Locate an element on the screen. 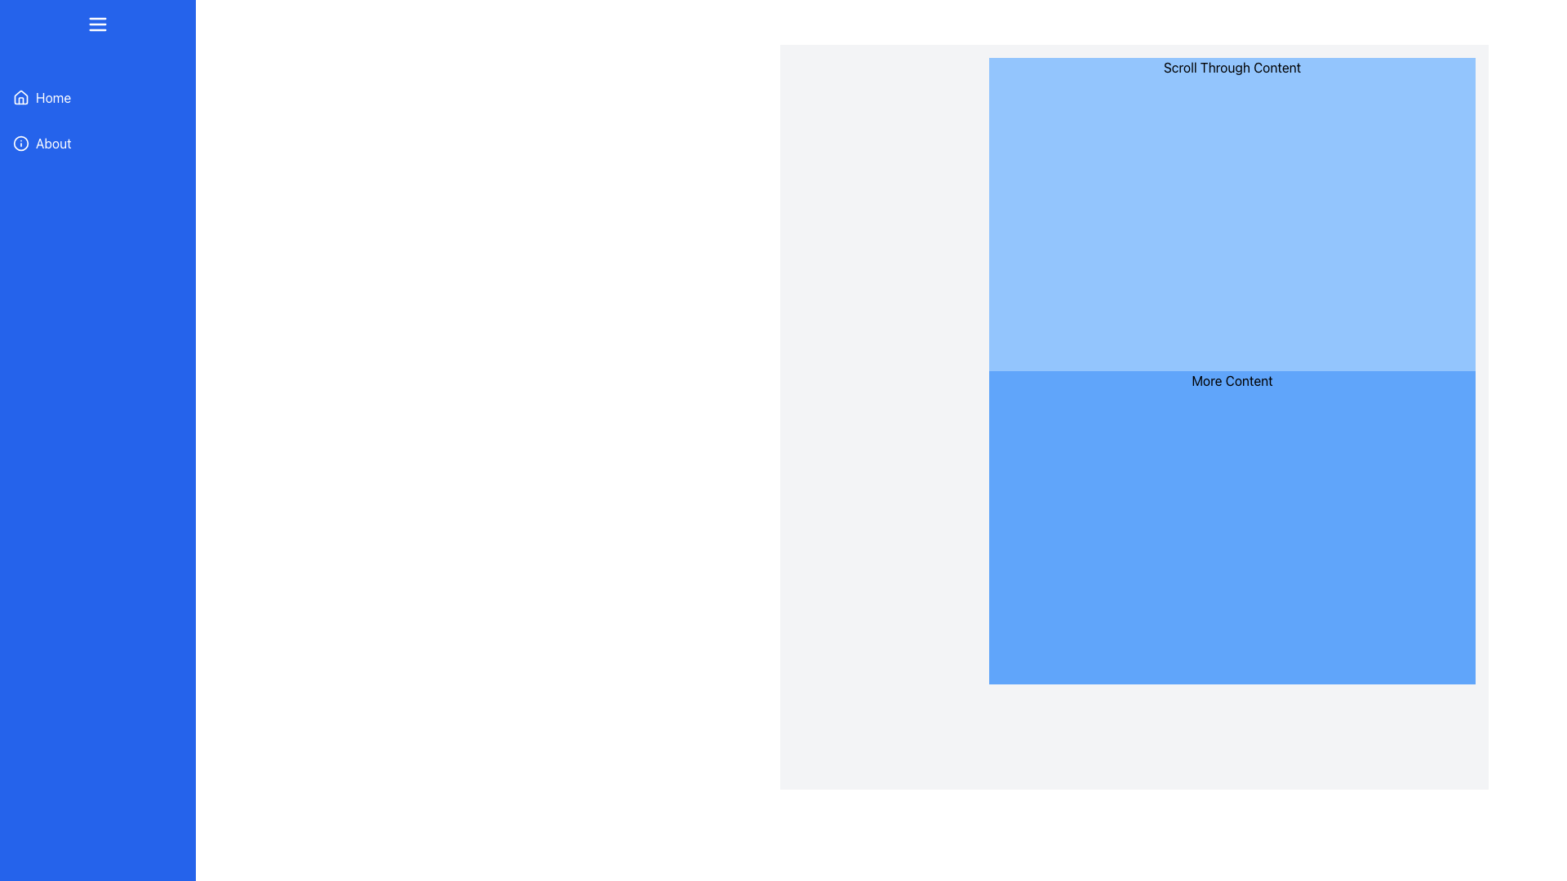 Image resolution: width=1567 pixels, height=881 pixels. the house icon in the vertical navigation menu associated with the 'Home' text is located at coordinates (20, 97).